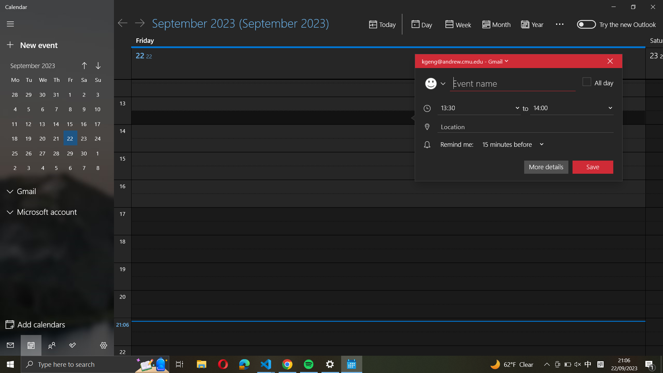 The image size is (663, 373). Describe the element at coordinates (610, 60) in the screenshot. I see `Abort the in-progress event` at that location.